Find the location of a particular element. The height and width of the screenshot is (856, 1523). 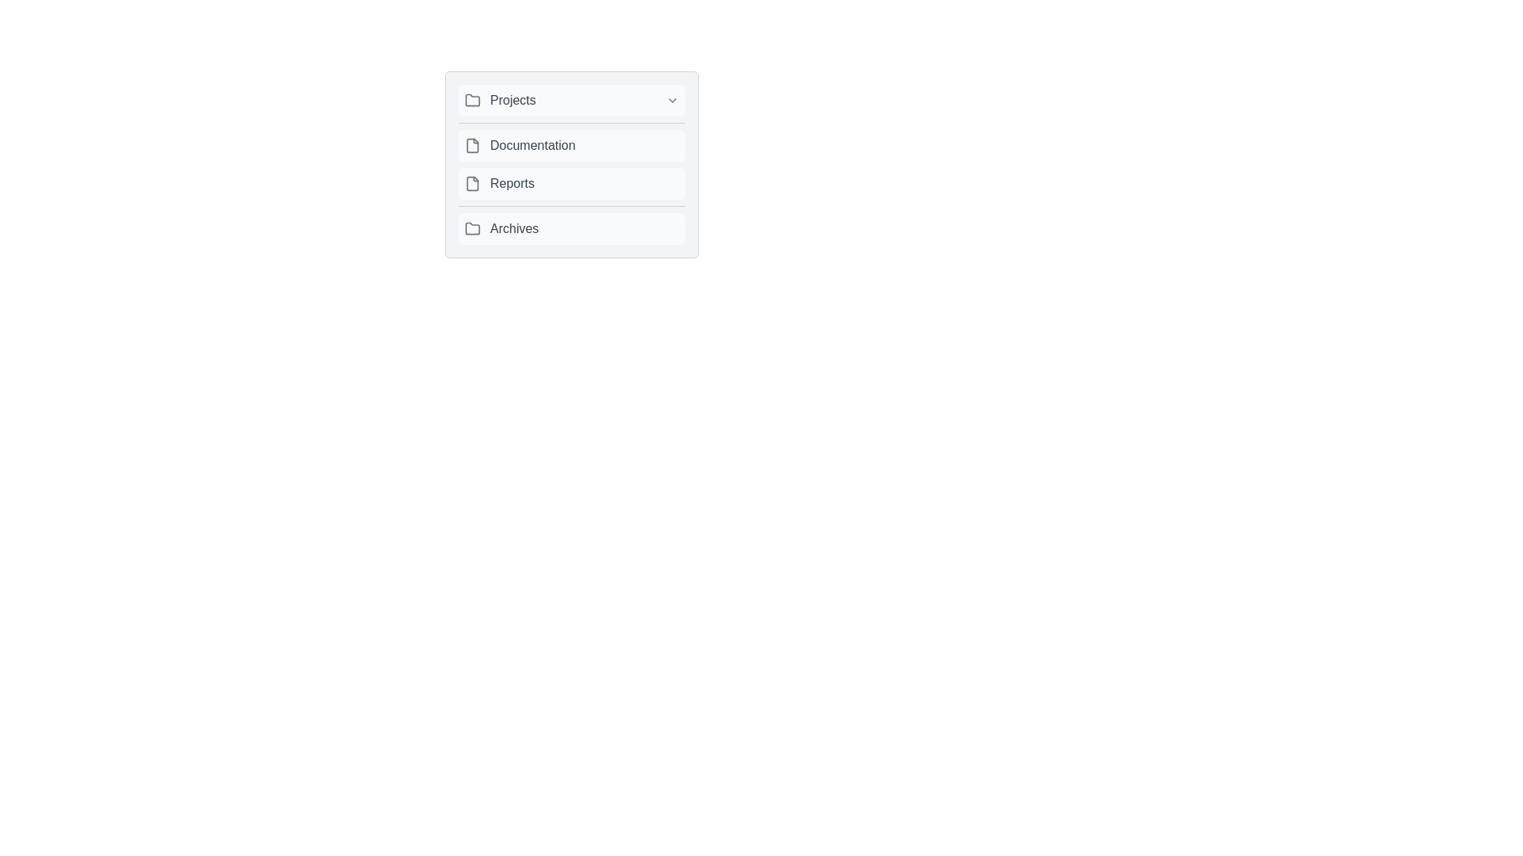

the first item in the vertical list of menu items is located at coordinates (571, 101).